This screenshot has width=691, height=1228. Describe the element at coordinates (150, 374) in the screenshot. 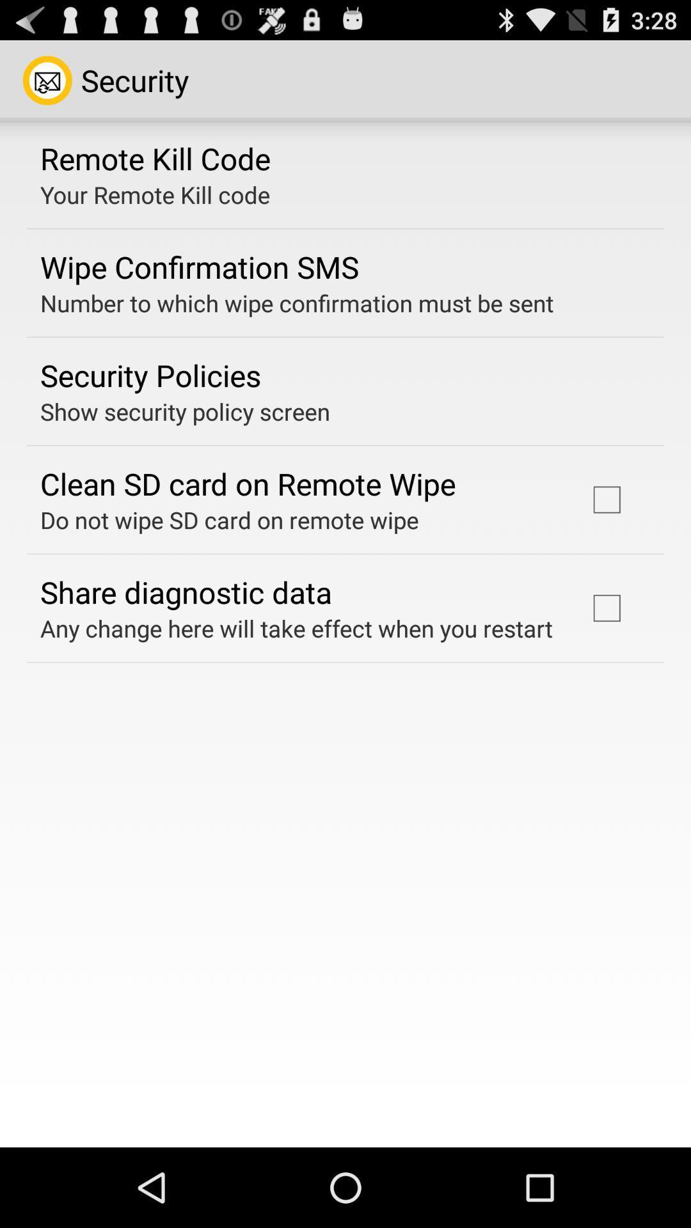

I see `security policies item` at that location.